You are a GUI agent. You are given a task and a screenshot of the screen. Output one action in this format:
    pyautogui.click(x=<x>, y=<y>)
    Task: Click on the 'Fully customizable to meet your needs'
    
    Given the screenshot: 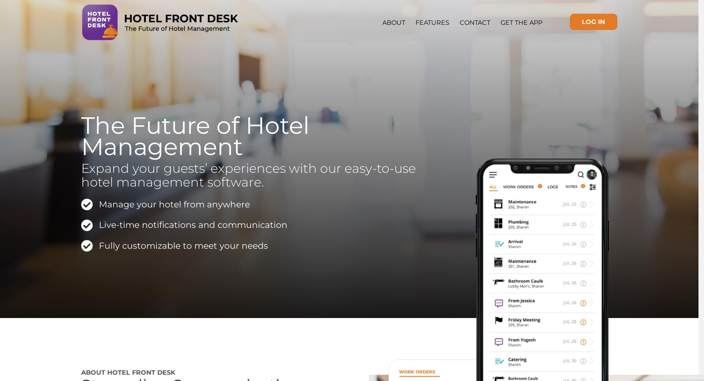 What is the action you would take?
    pyautogui.click(x=183, y=245)
    